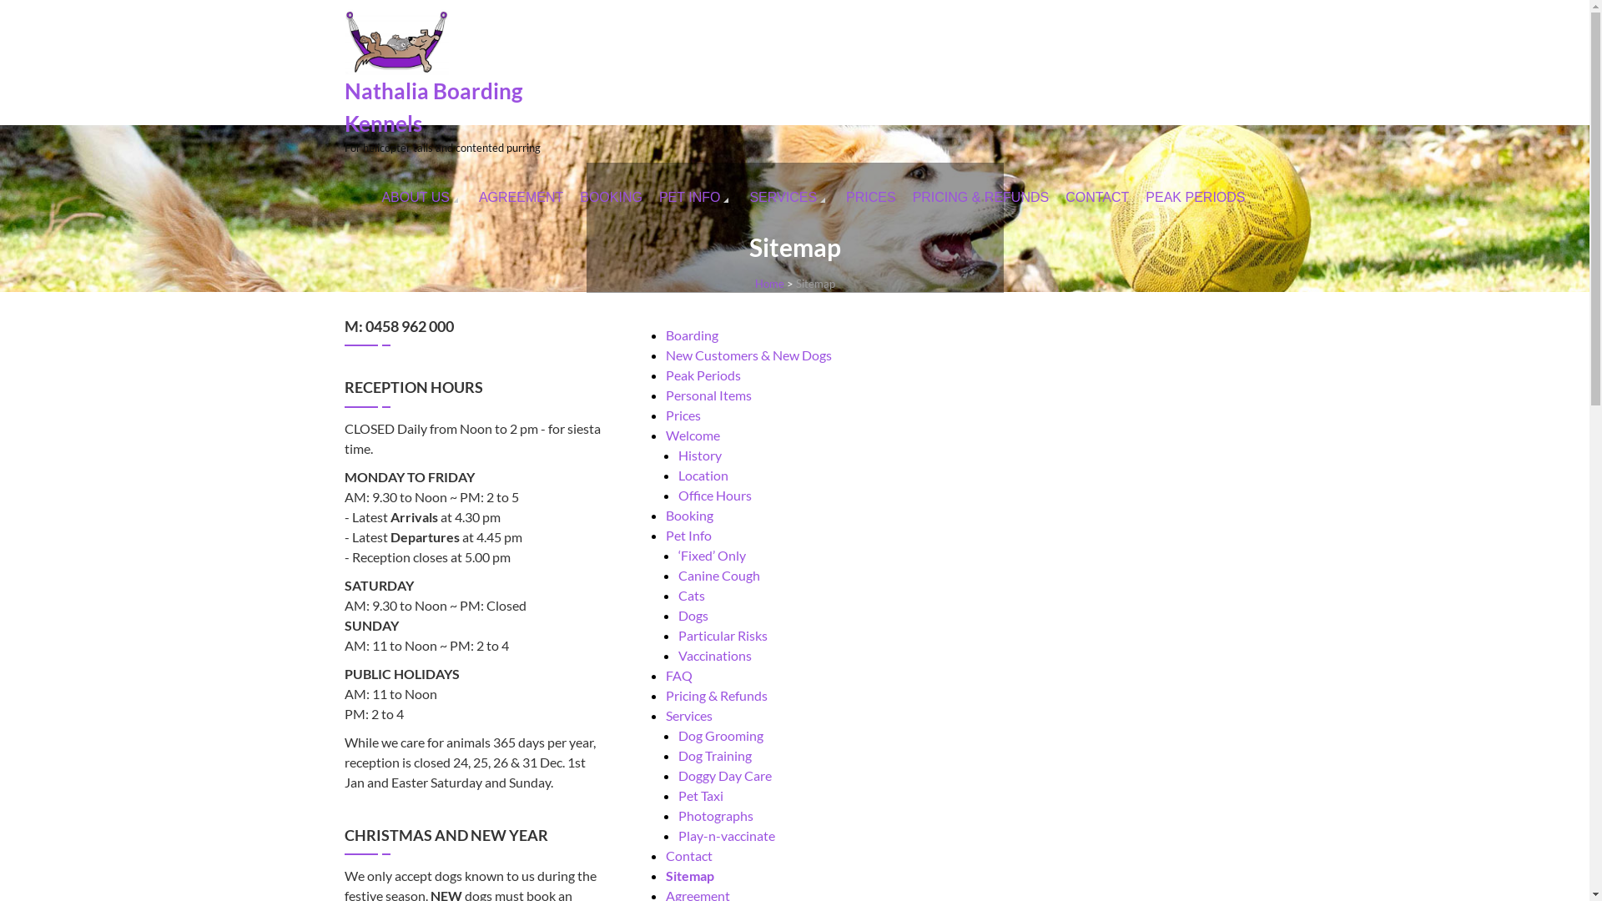 The width and height of the screenshot is (1602, 901). I want to click on 'PRICING & REFUNDS', so click(981, 196).